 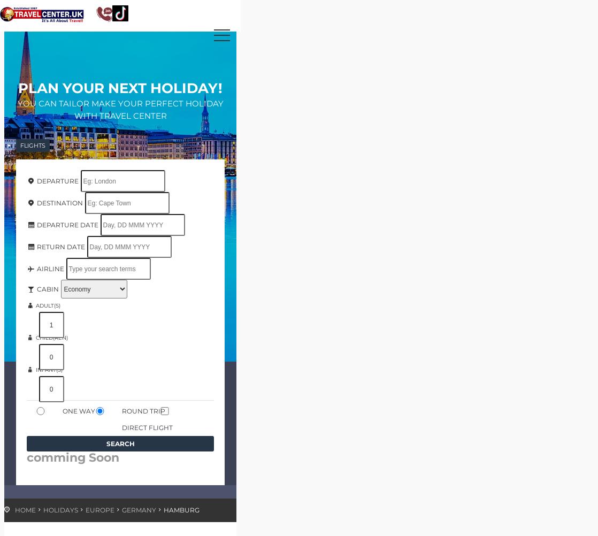 I want to click on 'Departure', so click(x=35, y=180).